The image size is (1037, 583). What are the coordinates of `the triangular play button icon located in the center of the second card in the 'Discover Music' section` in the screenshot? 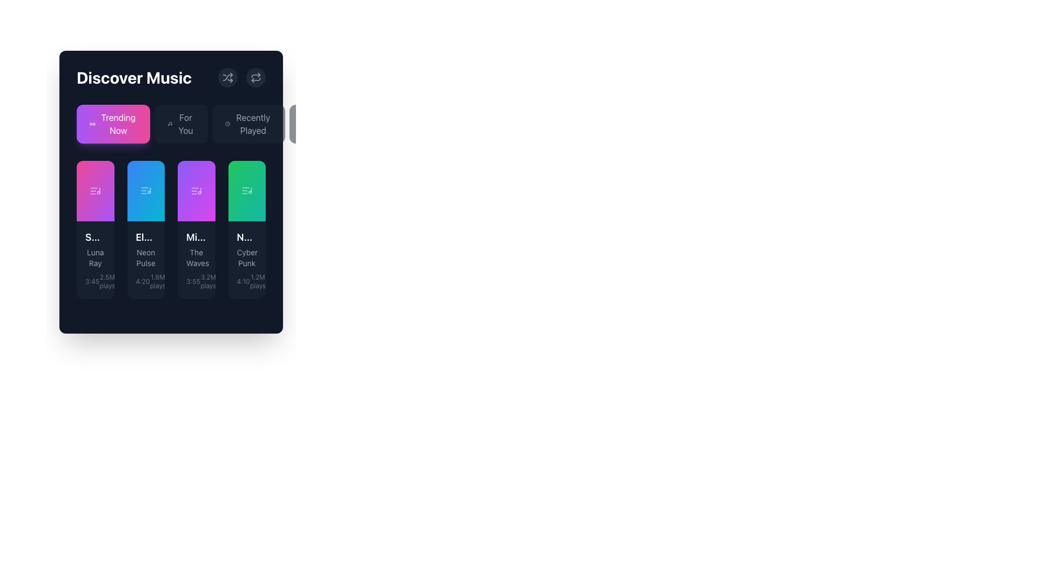 It's located at (146, 191).